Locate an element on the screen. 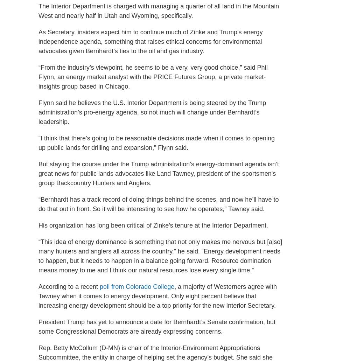 The width and height of the screenshot is (350, 362). 'The Interior Department is charged with managing a quarter of all land in the Mountain West and nearly half in Utah and Wyoming, specifically.' is located at coordinates (38, 11).